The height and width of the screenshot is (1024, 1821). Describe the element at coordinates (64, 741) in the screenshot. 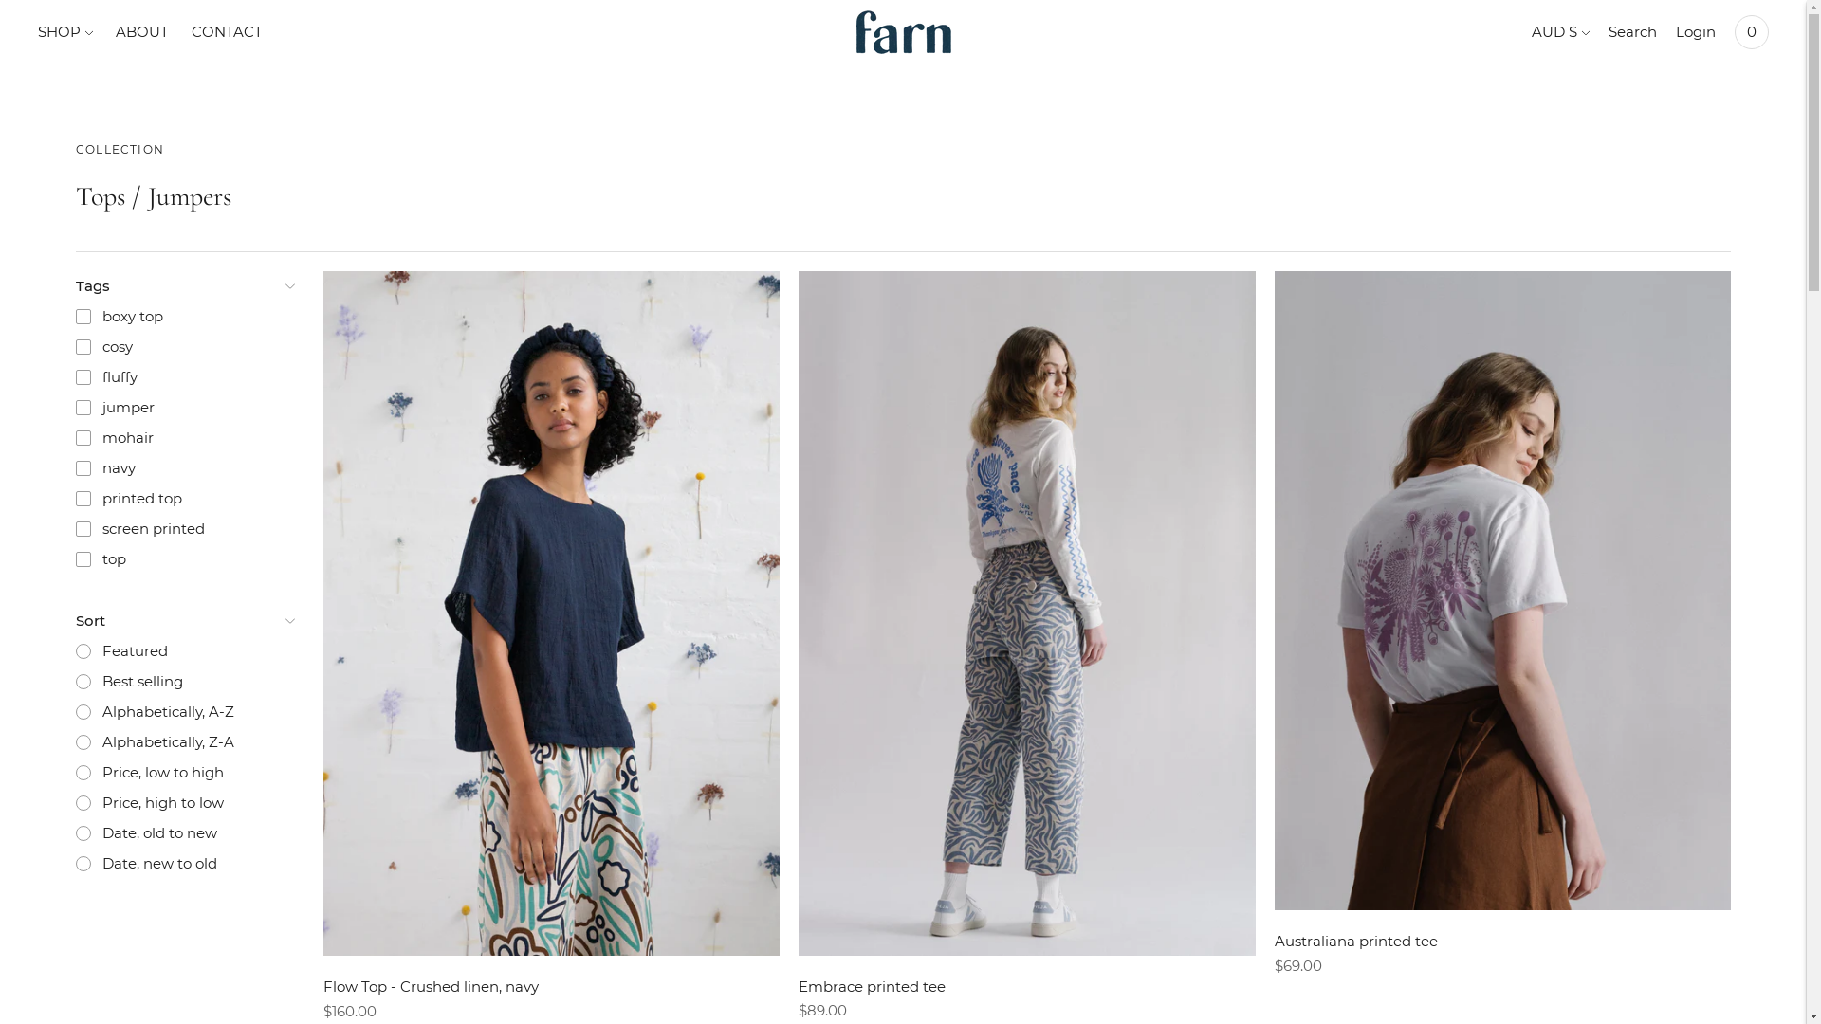

I see `'Alphabetically, Z-A'` at that location.